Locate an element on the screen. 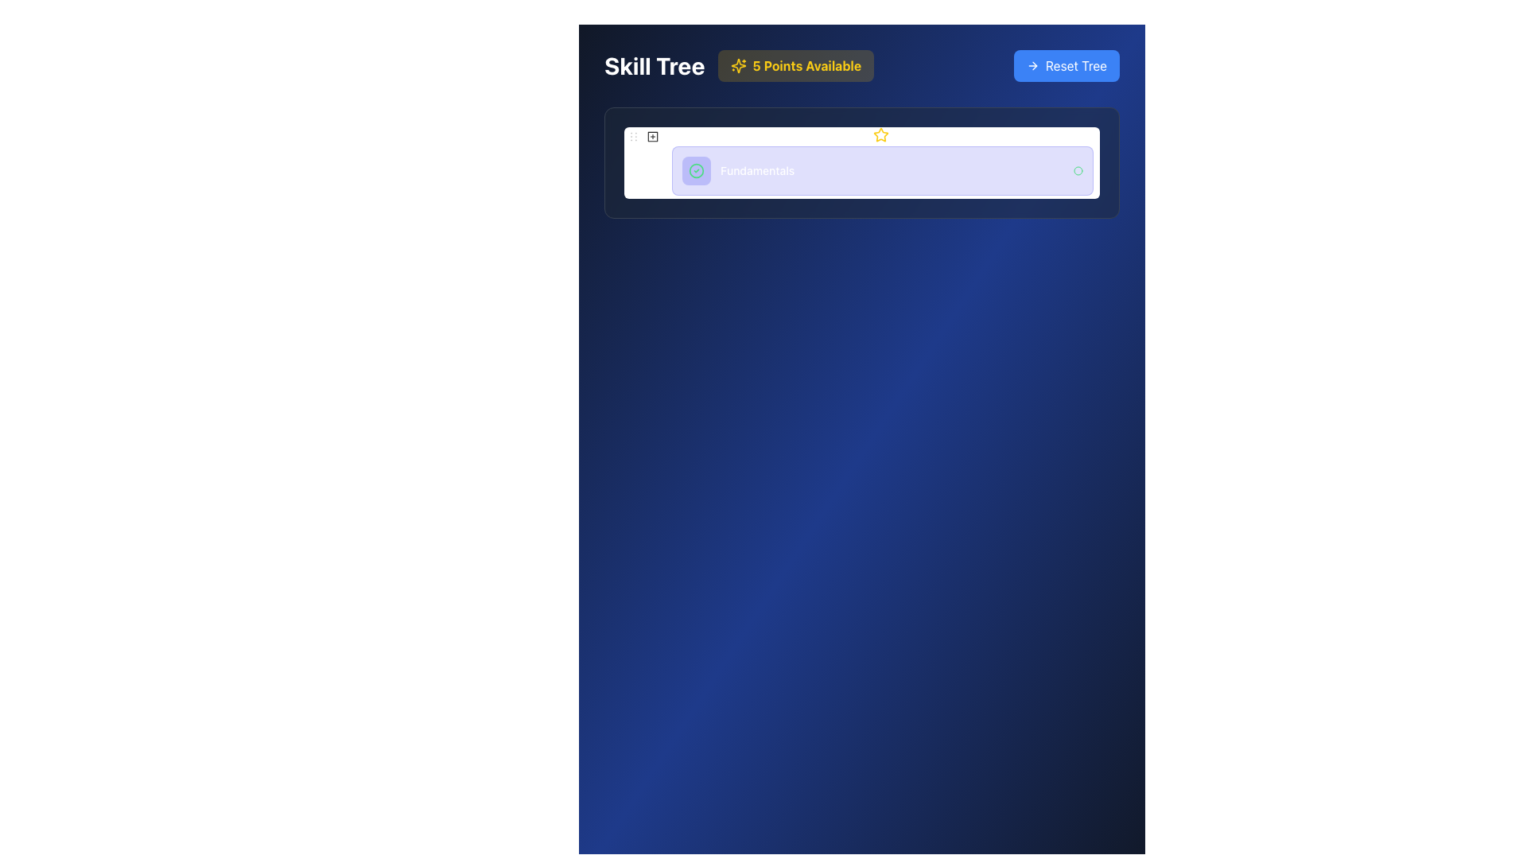 Image resolution: width=1527 pixels, height=859 pixels. the square outline with rounded corners that is part of the plus sign icon in the 'Skill Tree' interactive panel is located at coordinates (652, 136).